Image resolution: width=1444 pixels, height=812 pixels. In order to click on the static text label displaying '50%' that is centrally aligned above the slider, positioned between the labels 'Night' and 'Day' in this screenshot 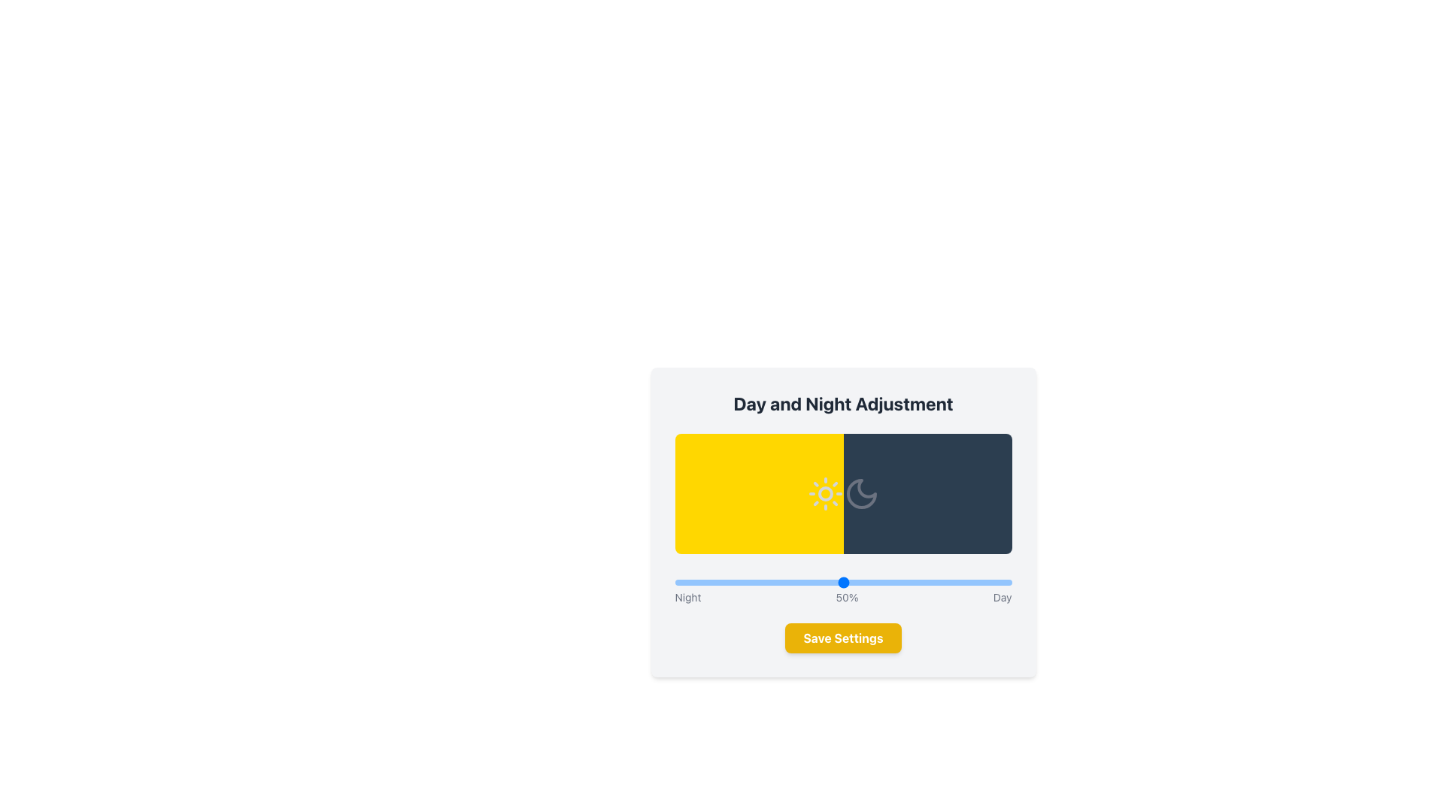, I will do `click(847, 596)`.